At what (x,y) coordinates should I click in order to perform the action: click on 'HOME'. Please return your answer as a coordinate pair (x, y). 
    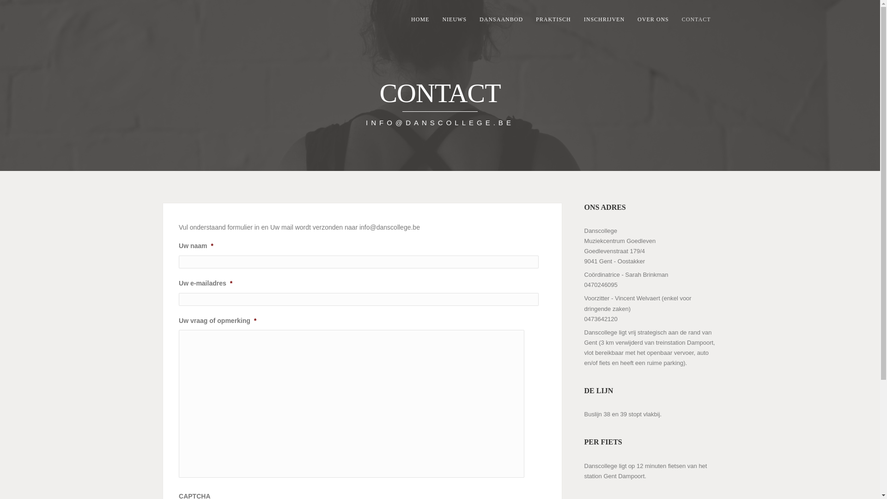
    Looking at the image, I should click on (404, 19).